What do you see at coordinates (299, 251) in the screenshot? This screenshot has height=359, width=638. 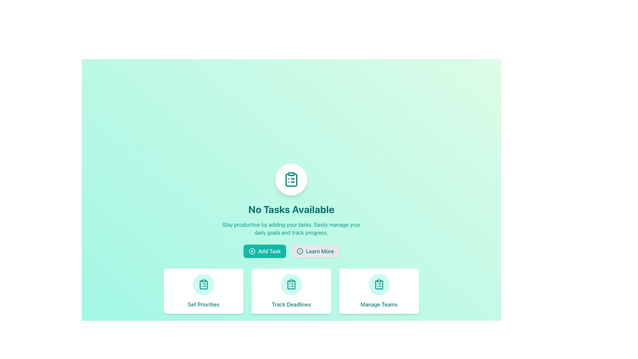 I see `the information icon located at the leftmost part of the 'Learn More' button, which is positioned below the headline 'No Tasks Available'` at bounding box center [299, 251].